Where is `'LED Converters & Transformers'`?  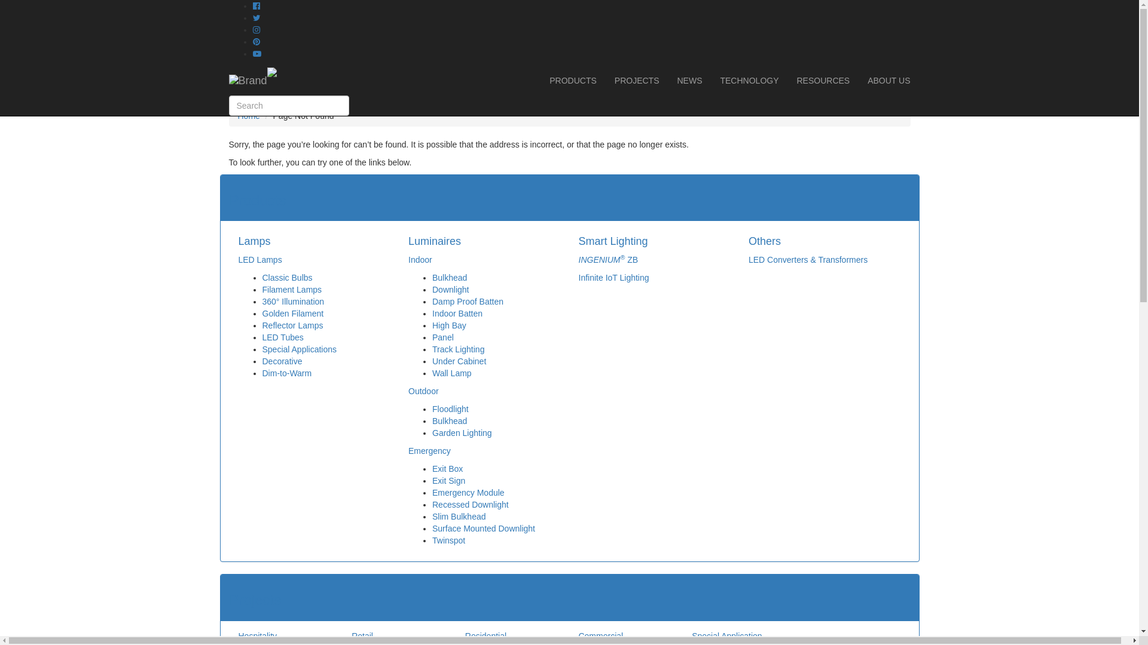 'LED Converters & Transformers' is located at coordinates (808, 259).